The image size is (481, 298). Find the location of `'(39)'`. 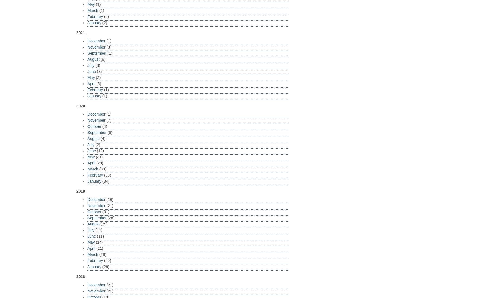

'(39)' is located at coordinates (99, 223).